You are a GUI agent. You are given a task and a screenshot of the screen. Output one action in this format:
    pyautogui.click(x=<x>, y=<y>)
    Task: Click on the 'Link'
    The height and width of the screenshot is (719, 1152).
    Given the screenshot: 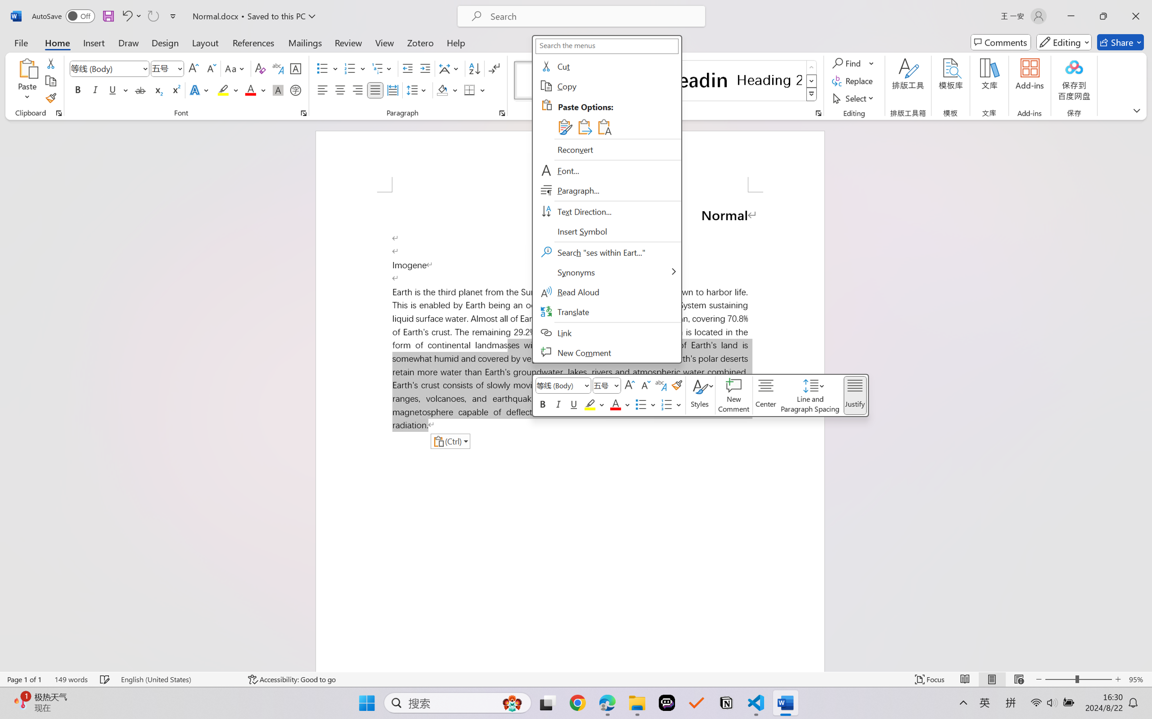 What is the action you would take?
    pyautogui.click(x=606, y=332)
    